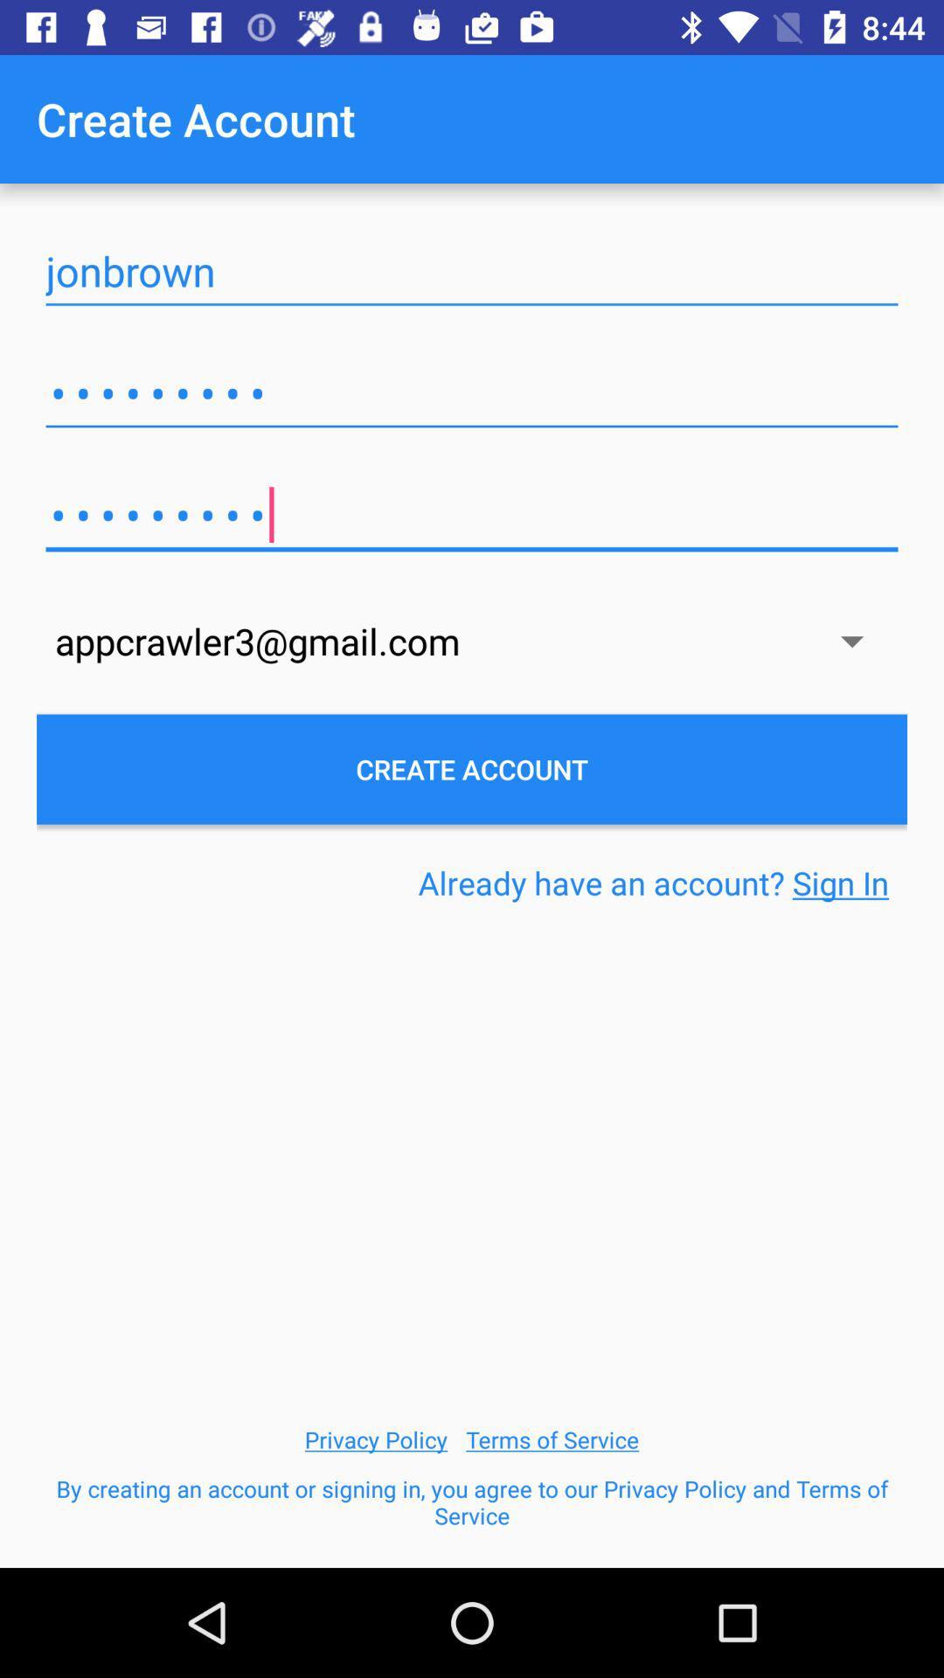 This screenshot has width=944, height=1678. Describe the element at coordinates (653, 883) in the screenshot. I see `item below the create account` at that location.